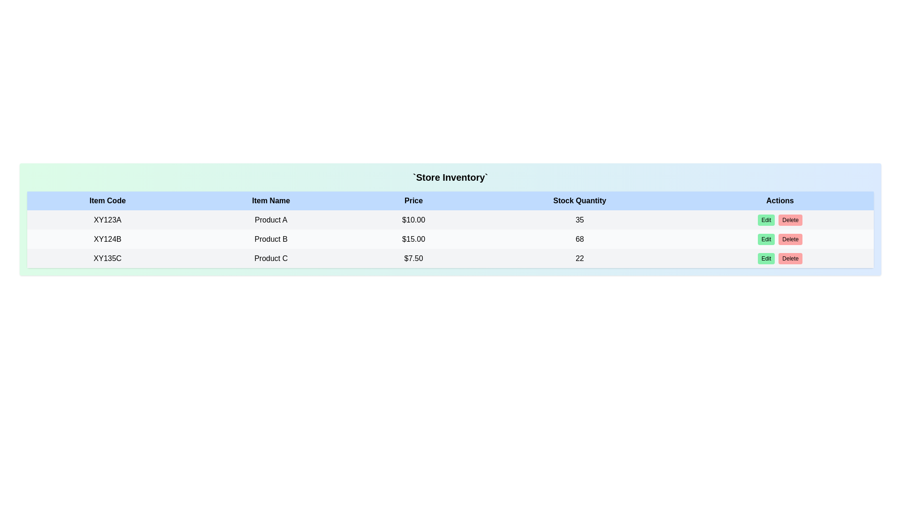  Describe the element at coordinates (413, 200) in the screenshot. I see `the 'Price' table header, which is the third header in a row of a table, clearly aligned with 'Item Code', 'Item Name', 'Stock Quantity', and 'Actions'` at that location.